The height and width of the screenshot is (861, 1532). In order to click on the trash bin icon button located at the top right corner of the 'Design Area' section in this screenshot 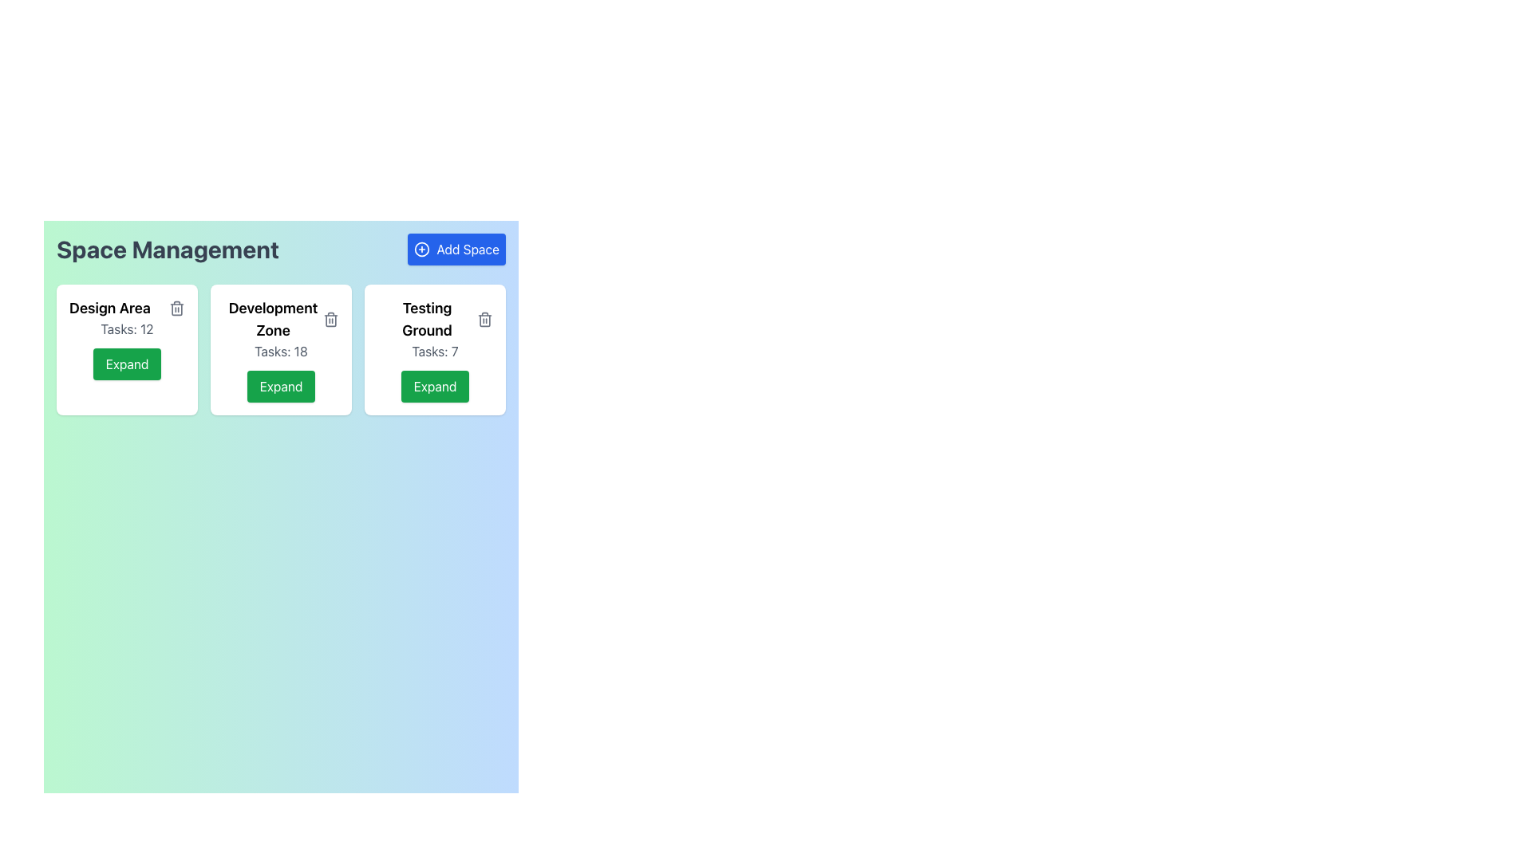, I will do `click(176, 308)`.